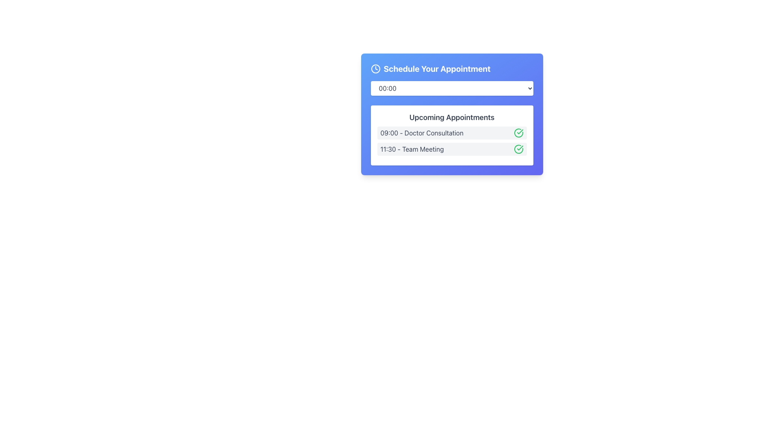  Describe the element at coordinates (436, 68) in the screenshot. I see `the Text label that serves as a title for the scheduling appointments section, located at the top of its containing section and centered within the blue title bar` at that location.